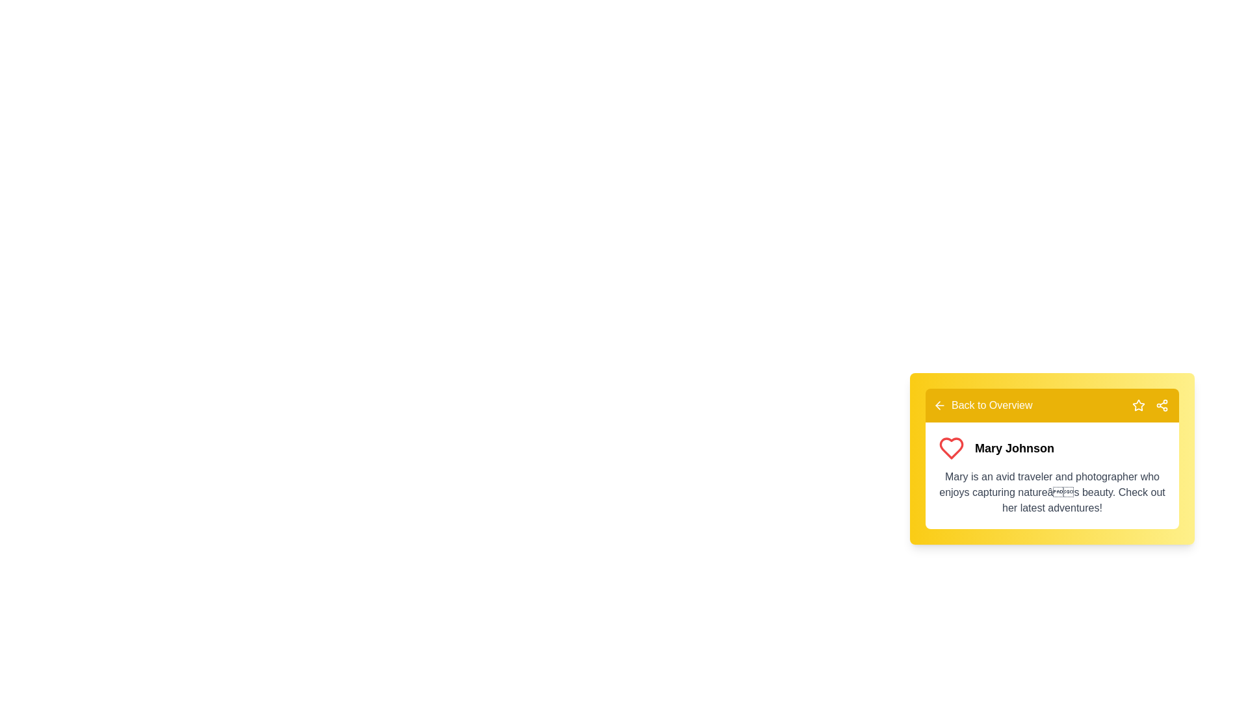 The height and width of the screenshot is (702, 1248). I want to click on the text block providing information about 'Mary Johnson', located beneath the heading with a white background and rounded corners, so click(1052, 493).